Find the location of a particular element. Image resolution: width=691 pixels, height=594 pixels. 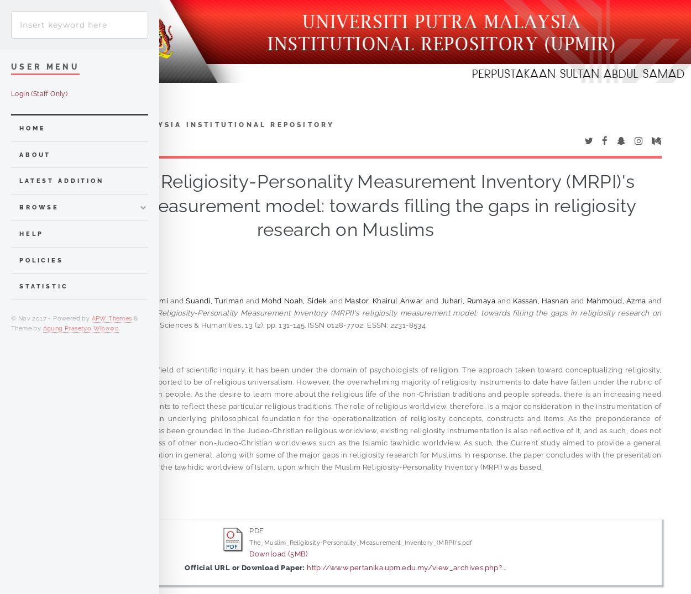

'Hamzah, Azimi' is located at coordinates (142, 300).